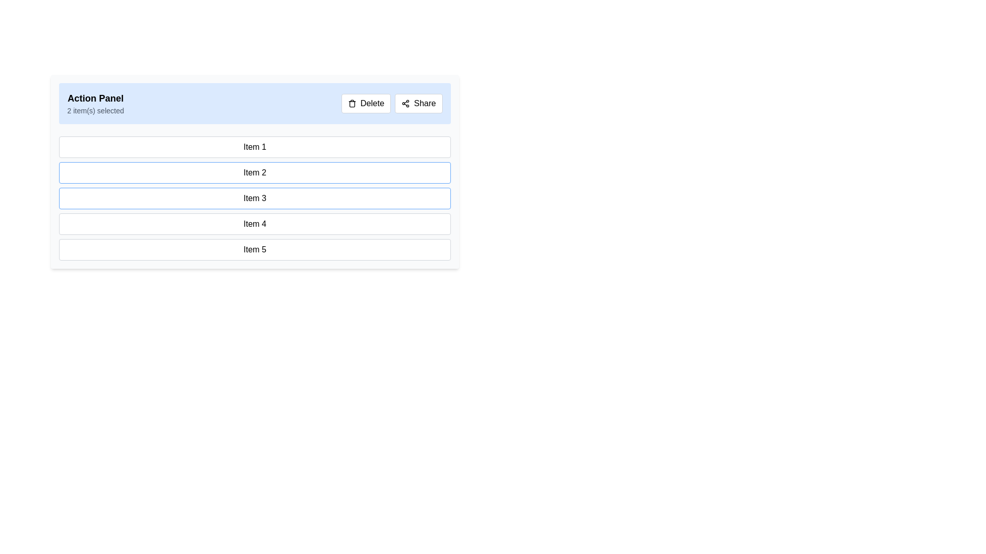 This screenshot has width=986, height=554. I want to click on the trash can icon within the 'Delete' button, so click(352, 103).